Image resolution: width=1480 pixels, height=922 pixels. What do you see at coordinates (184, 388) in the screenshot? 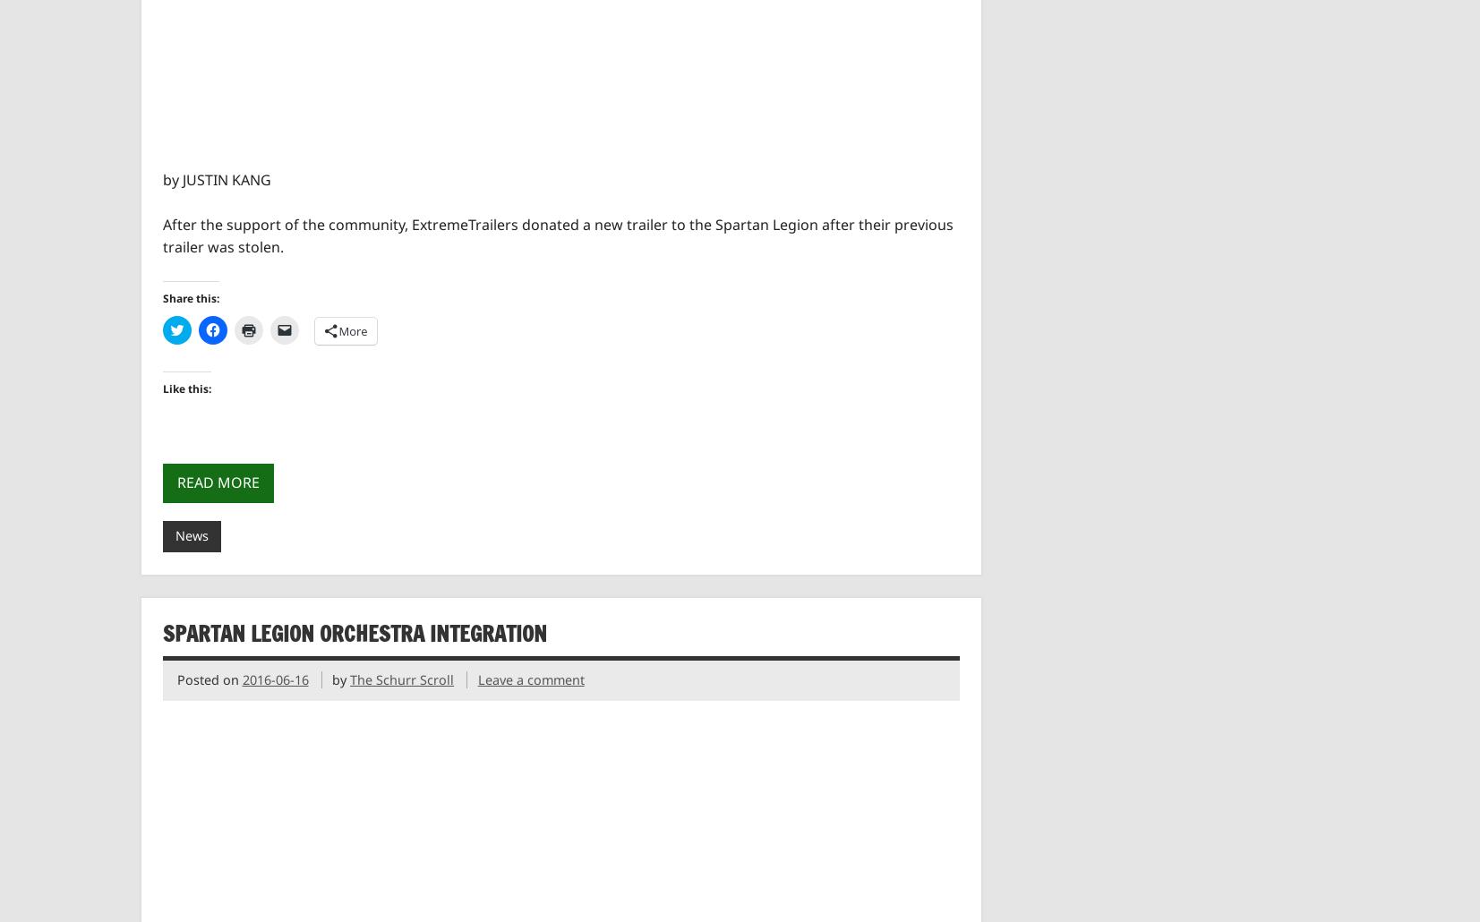
I see `'Like this:'` at bounding box center [184, 388].